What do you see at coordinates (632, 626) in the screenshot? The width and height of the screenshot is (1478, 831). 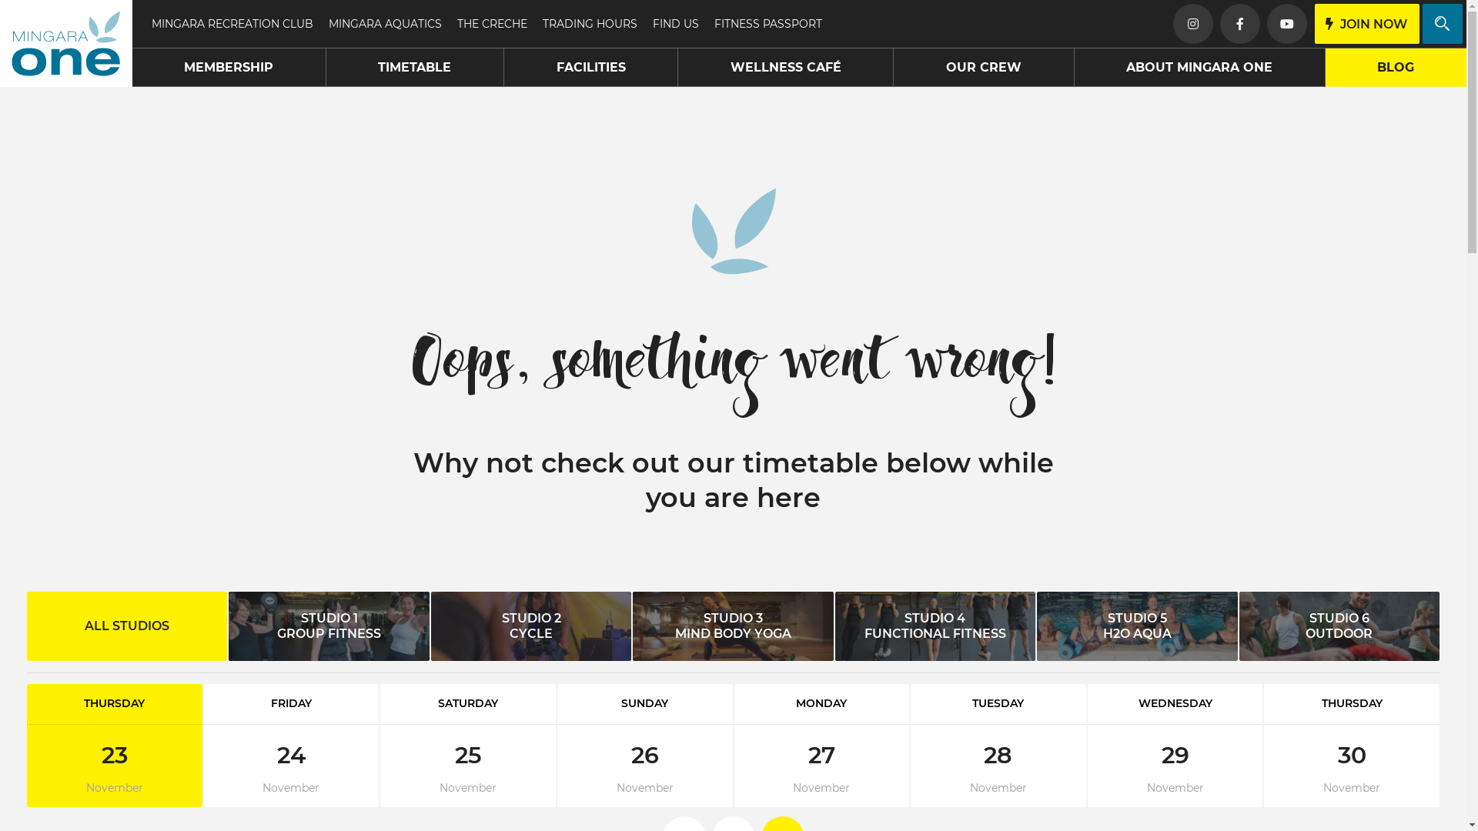 I see `'STUDIO 3` at bounding box center [632, 626].